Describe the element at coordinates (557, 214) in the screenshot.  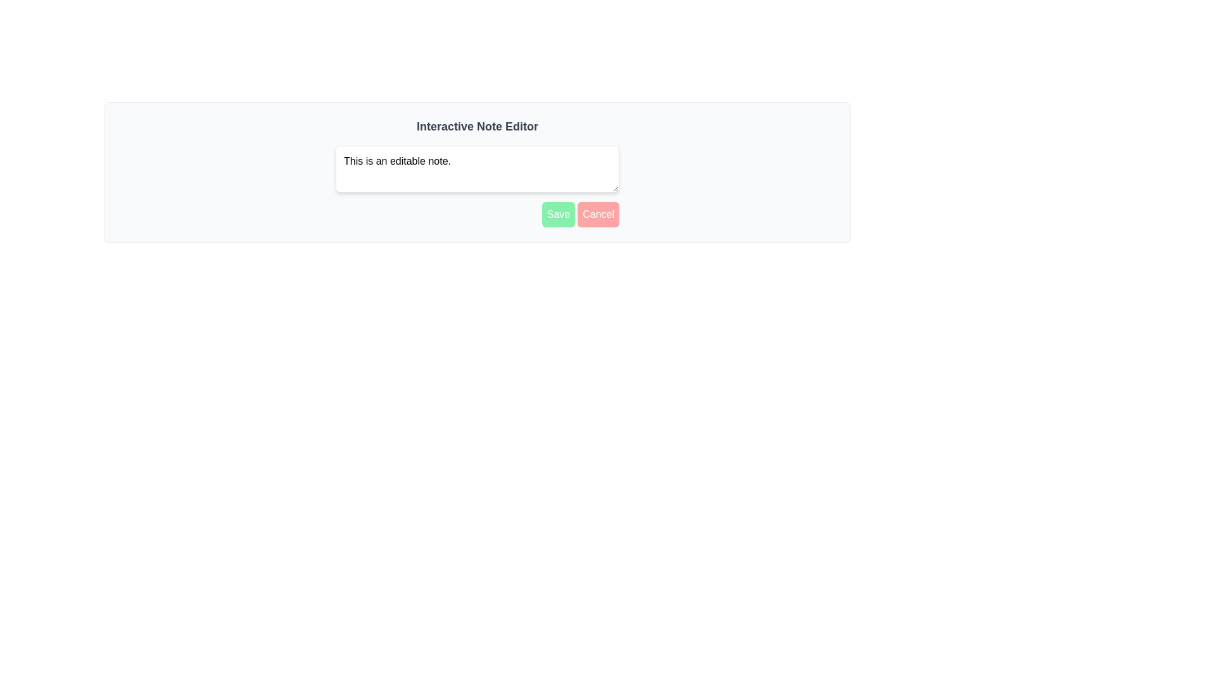
I see `the green 'Save' button with white text, located towards the bottom-right corner of the interface` at that location.